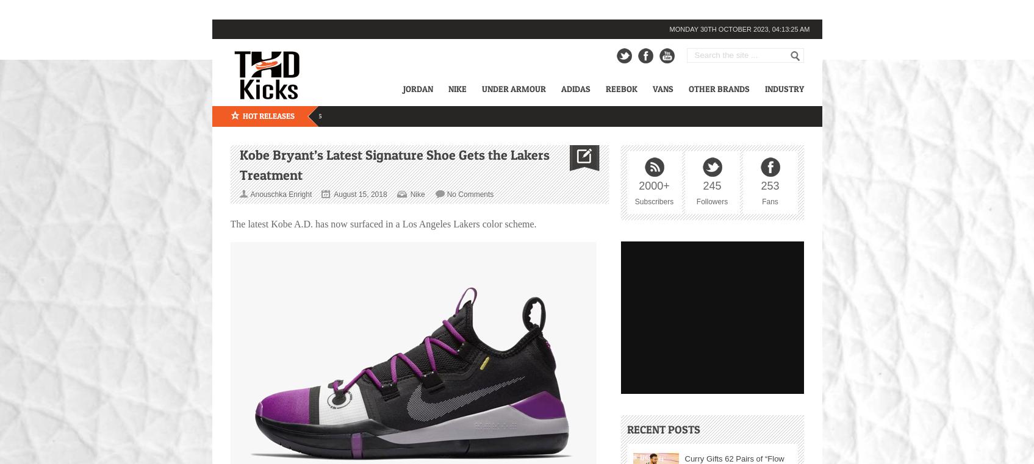 The width and height of the screenshot is (1034, 464). I want to click on '04:13:25 am', so click(770, 29).